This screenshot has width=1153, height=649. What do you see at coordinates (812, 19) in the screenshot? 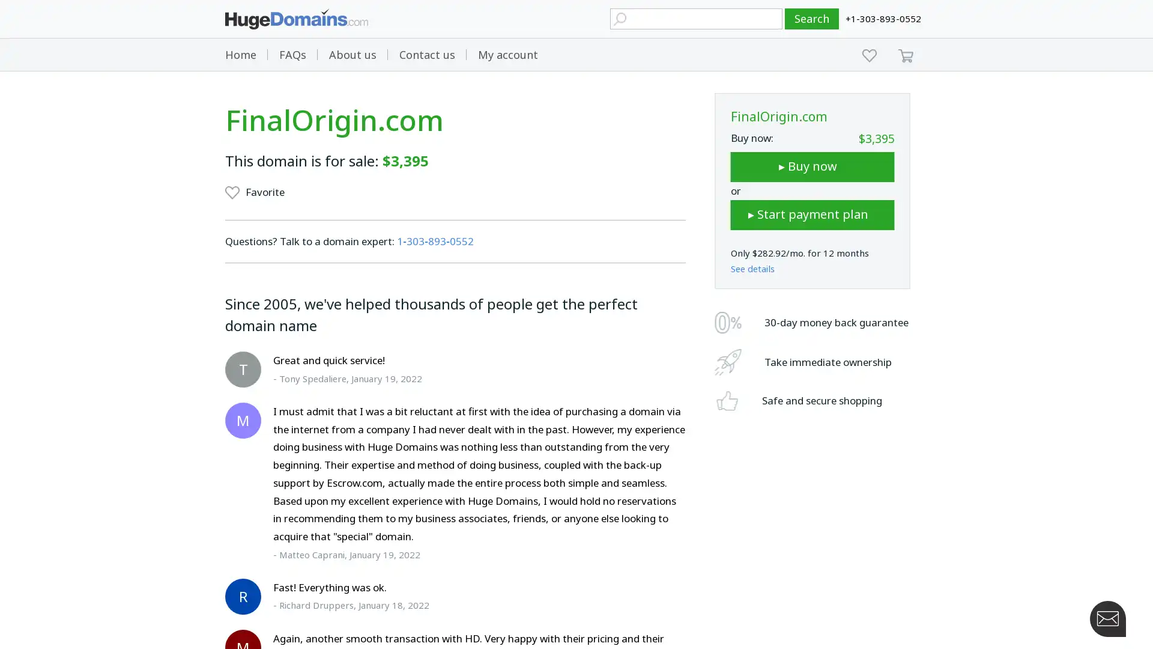
I see `Search` at bounding box center [812, 19].